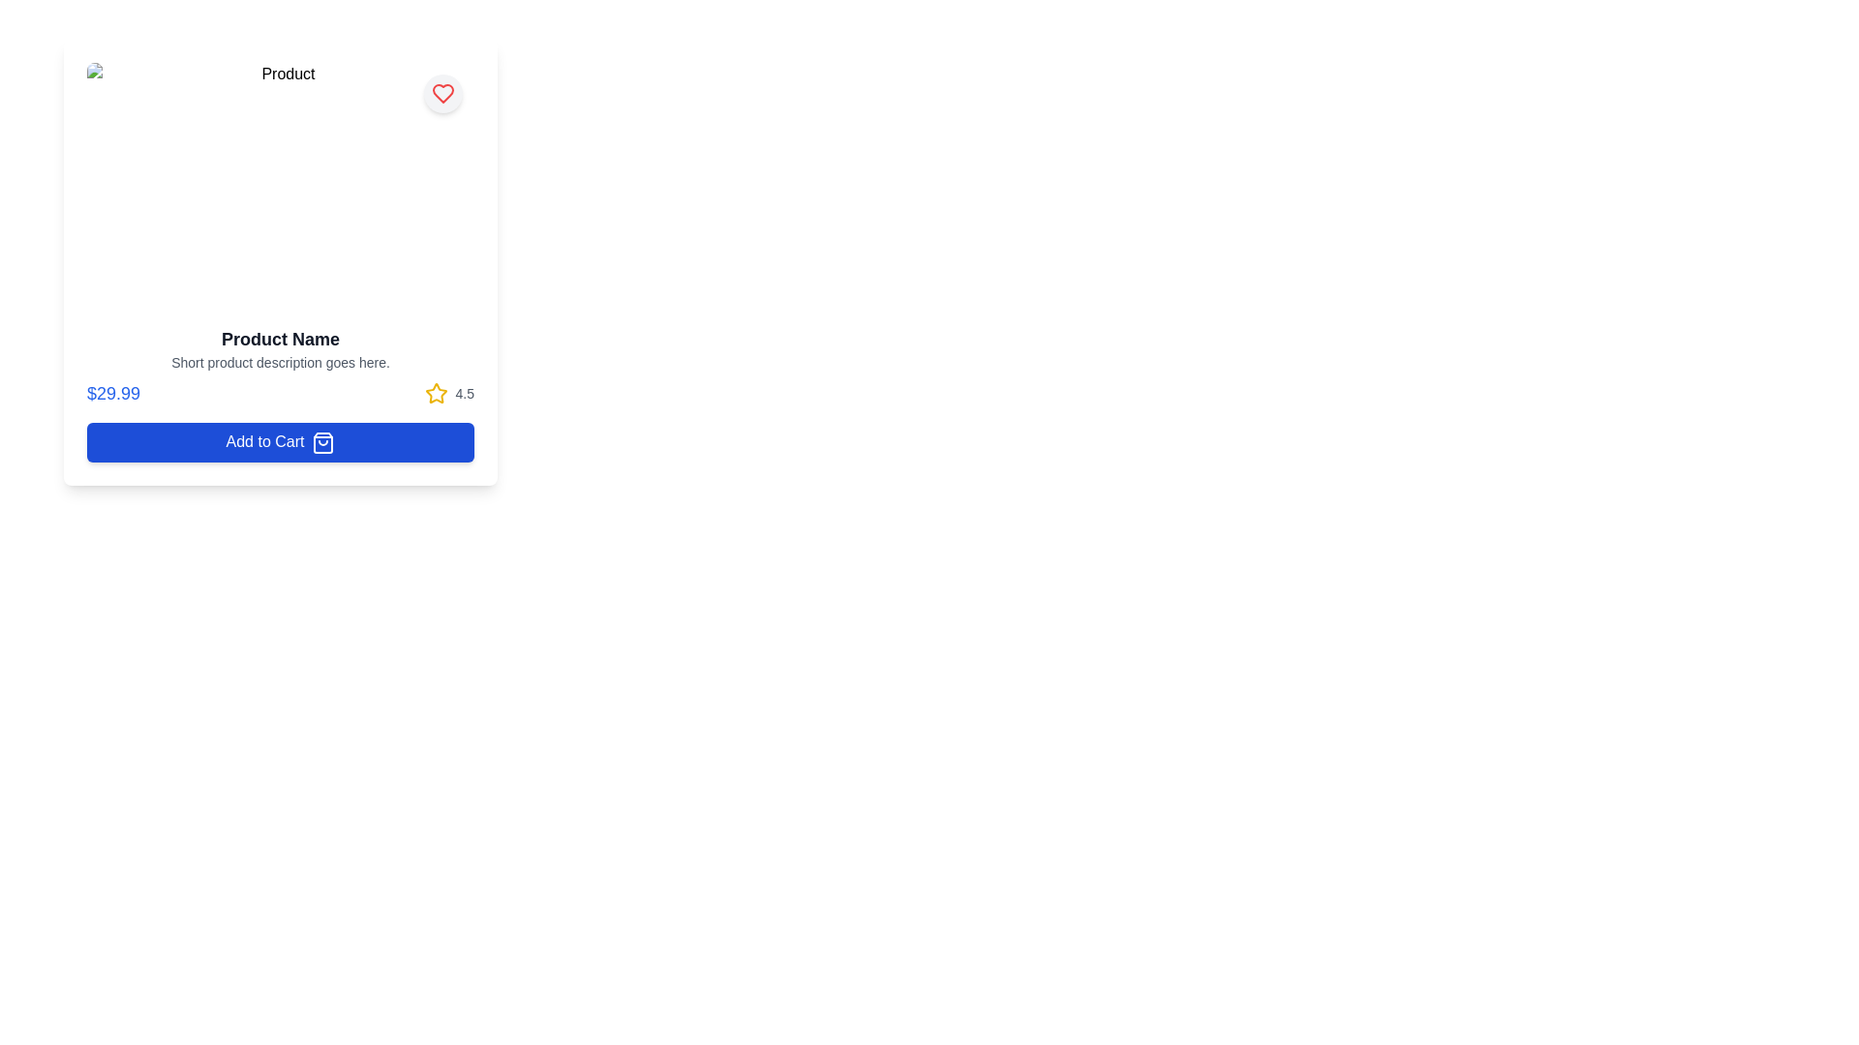  I want to click on the favorite or like icon located in the upper-right corner of the card layout, which is contained within a rounded circular button-like structure, so click(442, 93).